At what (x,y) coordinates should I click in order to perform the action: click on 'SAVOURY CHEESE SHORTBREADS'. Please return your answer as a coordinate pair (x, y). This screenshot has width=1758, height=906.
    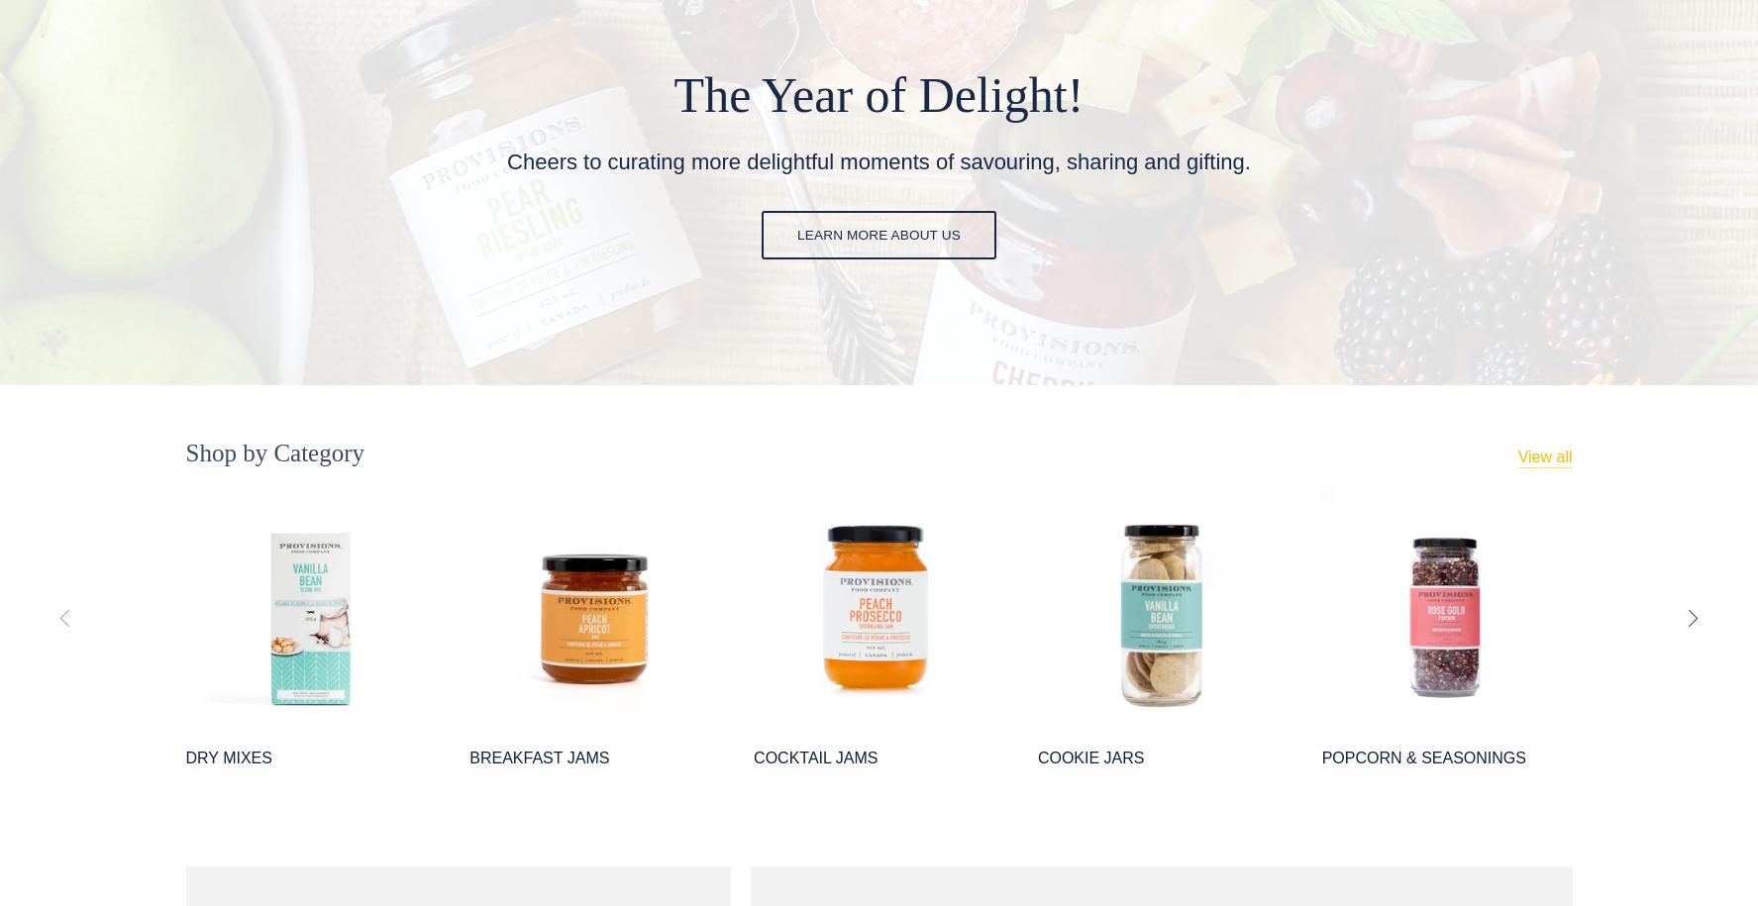
    Looking at the image, I should click on (1677, 767).